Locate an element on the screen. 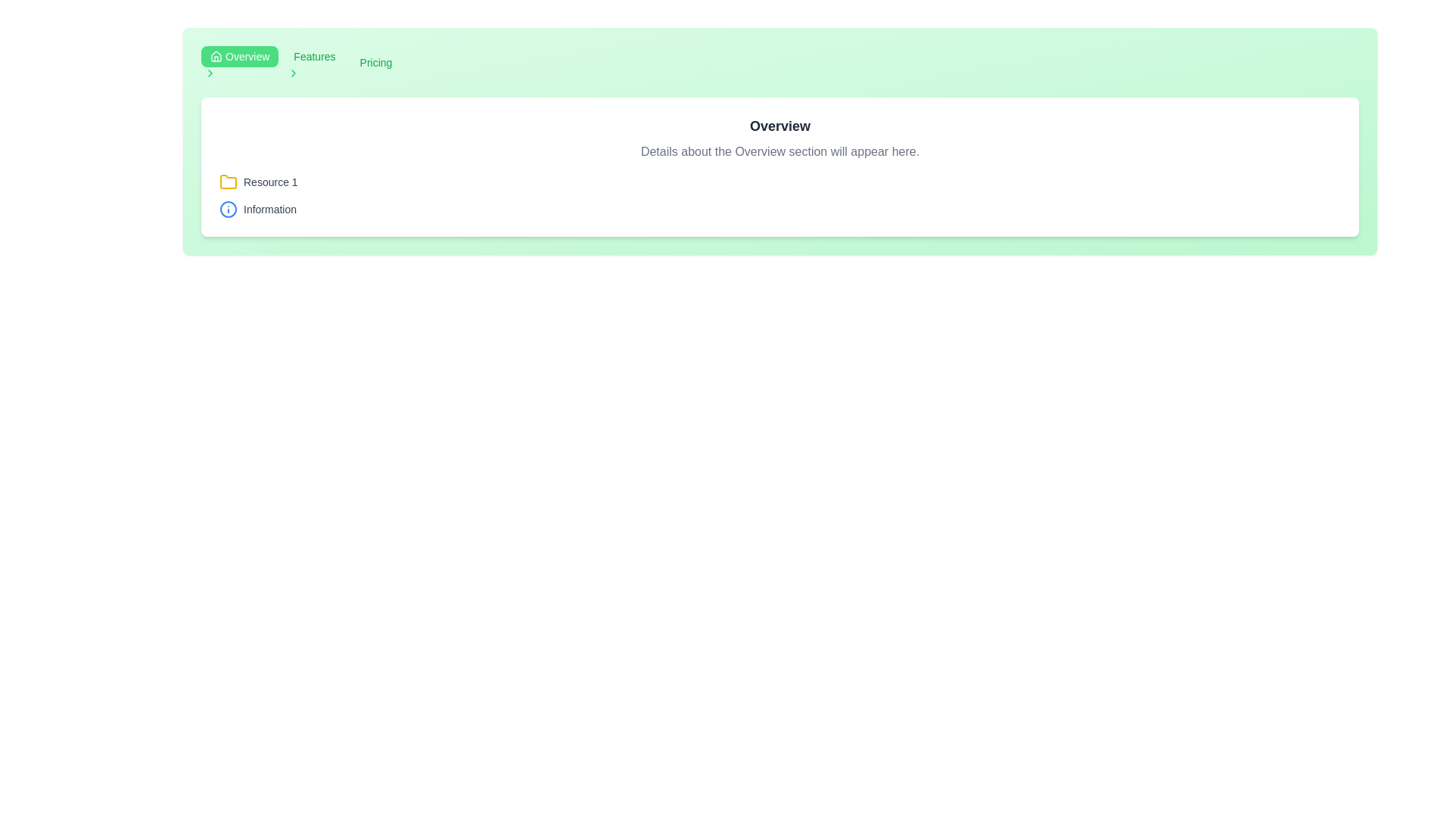 The image size is (1453, 817). the icon located to the left of the text label 'Information', which serves as a visual cue for an information section is located at coordinates (228, 210).